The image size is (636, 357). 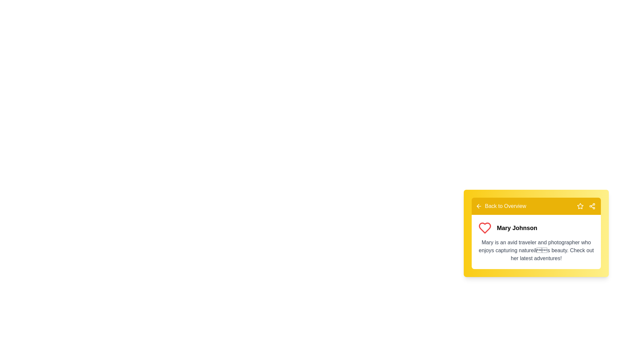 What do you see at coordinates (479, 206) in the screenshot?
I see `the arrow icon located at the top left of the yellow section` at bounding box center [479, 206].